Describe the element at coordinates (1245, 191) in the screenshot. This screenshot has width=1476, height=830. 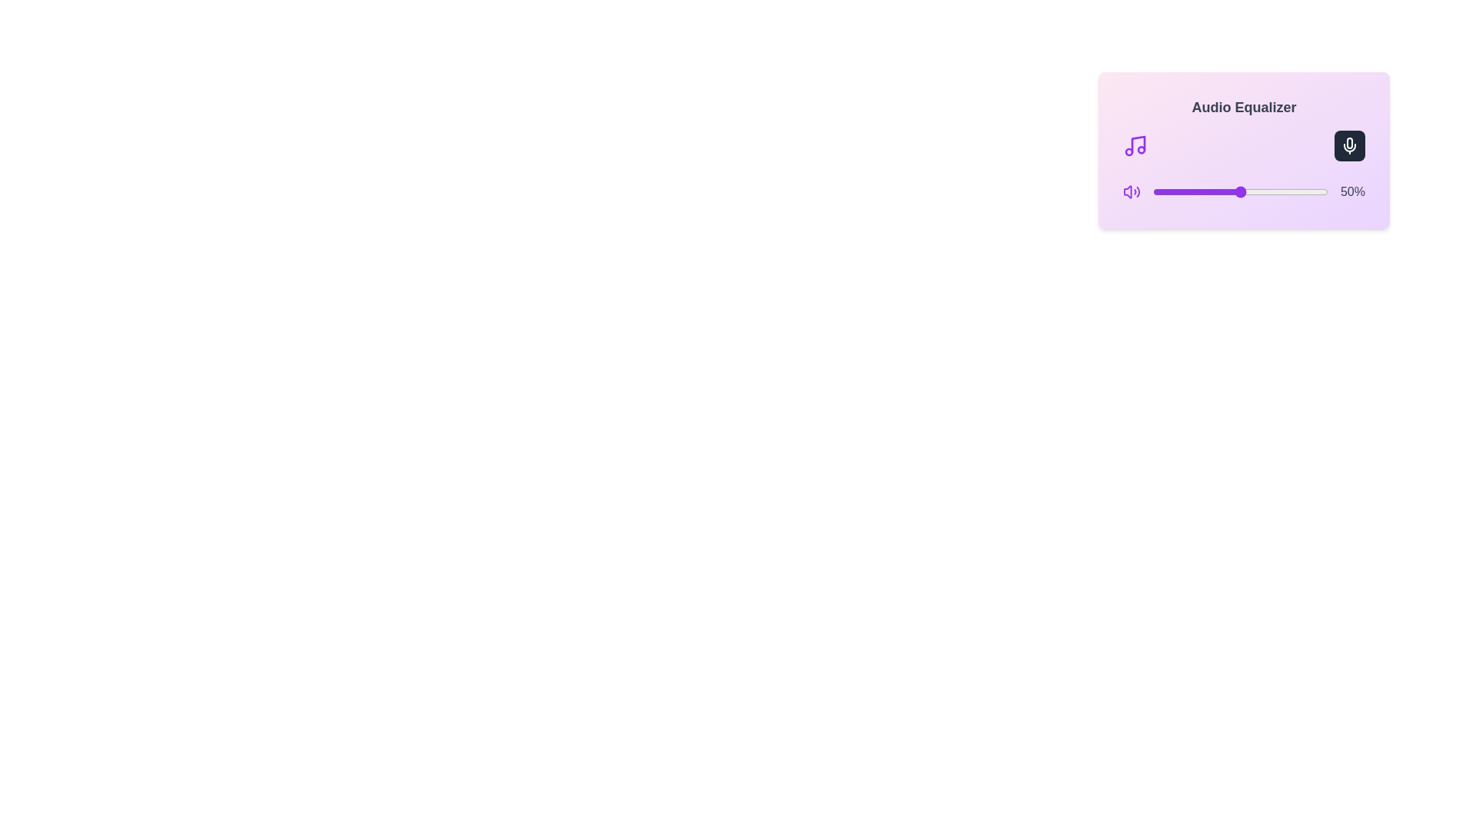
I see `the volume slider to 53%` at that location.